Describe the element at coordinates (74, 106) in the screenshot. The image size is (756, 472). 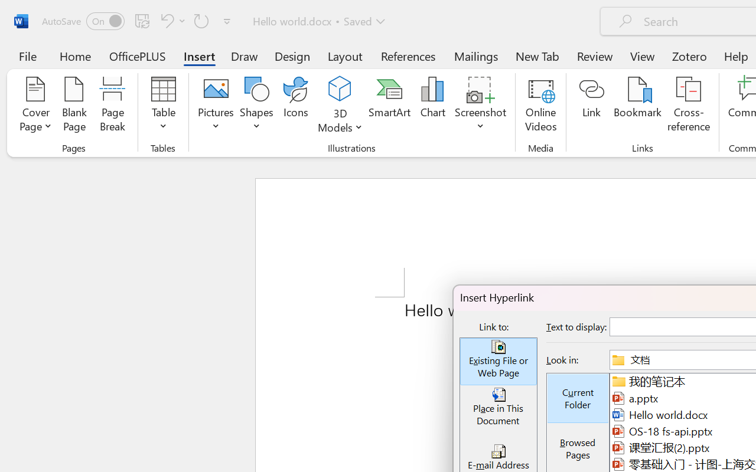
I see `'Blank Page'` at that location.